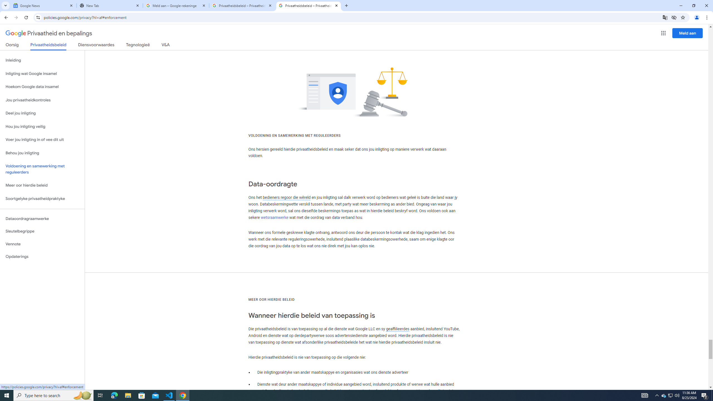 This screenshot has height=401, width=713. What do you see at coordinates (42, 185) in the screenshot?
I see `'Meer oor hierdie beleid'` at bounding box center [42, 185].